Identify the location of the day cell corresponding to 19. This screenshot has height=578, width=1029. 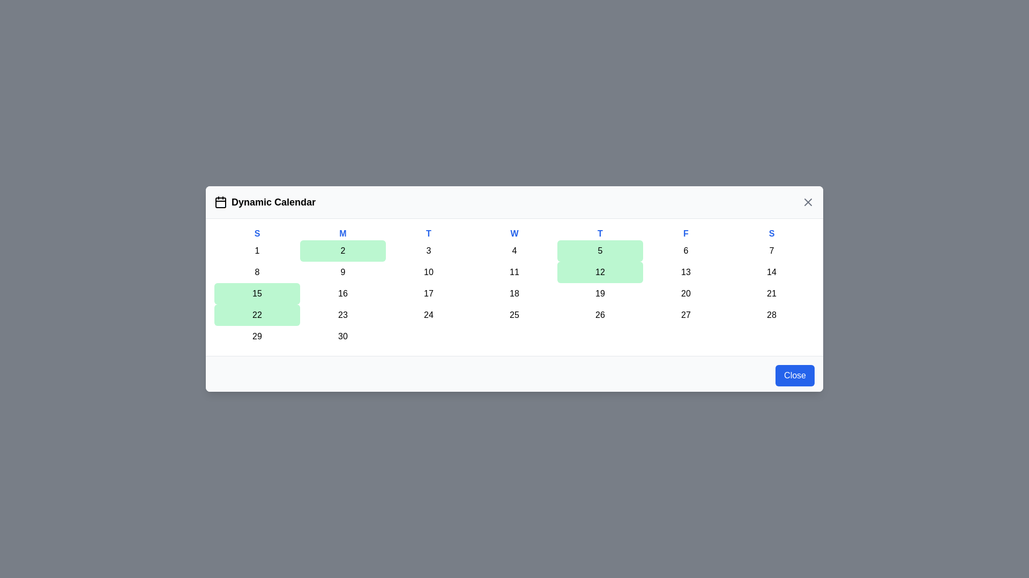
(599, 293).